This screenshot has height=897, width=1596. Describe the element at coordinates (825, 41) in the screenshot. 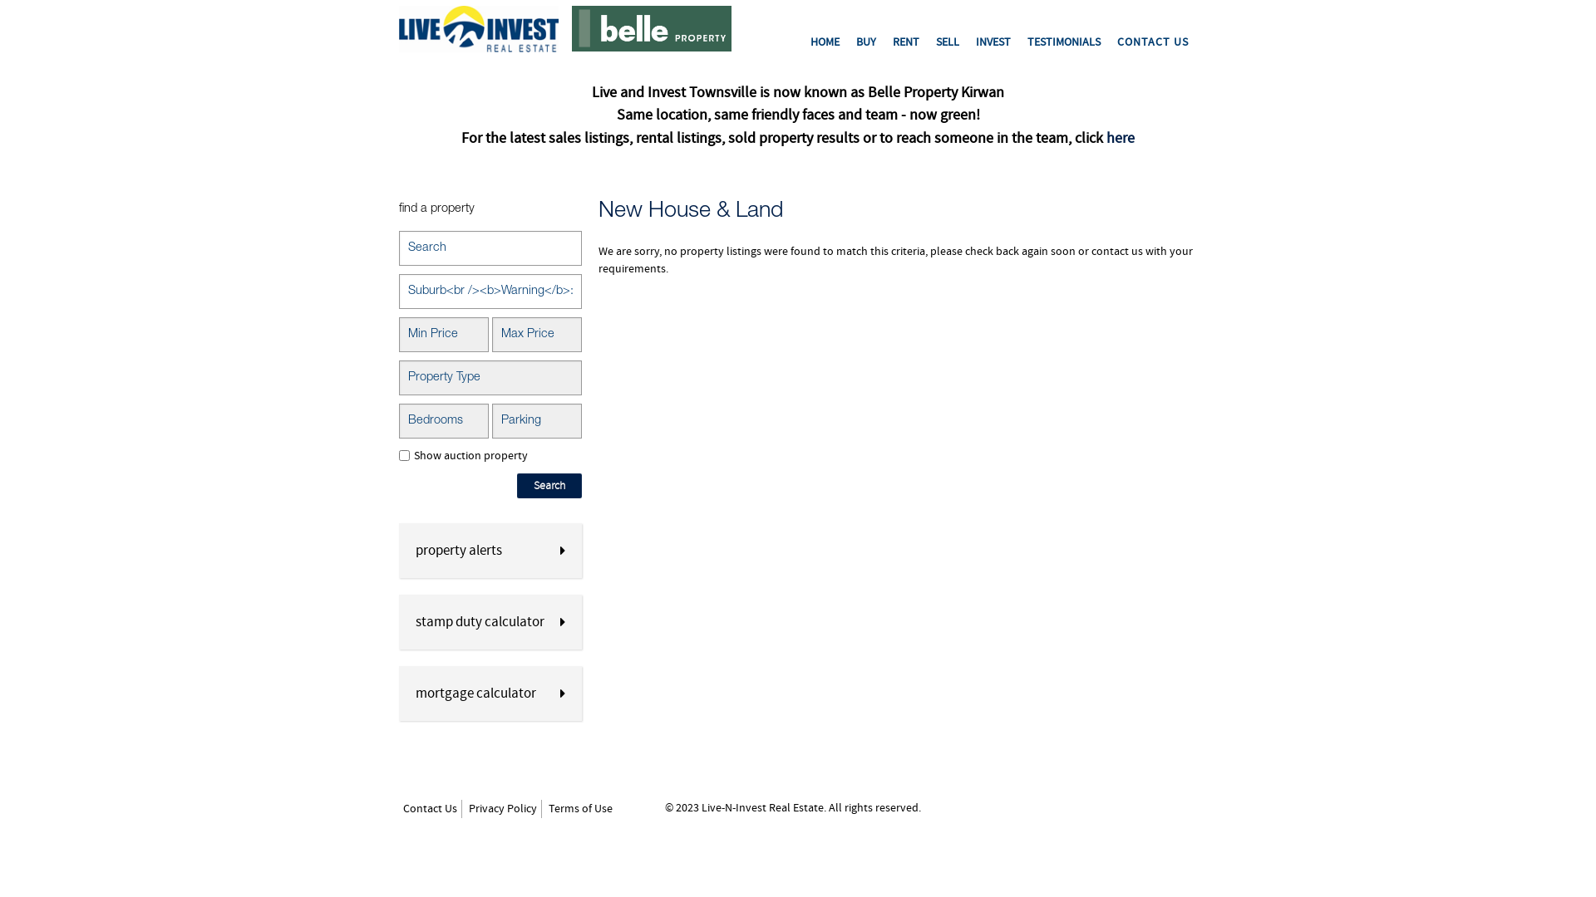

I see `'HOME'` at that location.